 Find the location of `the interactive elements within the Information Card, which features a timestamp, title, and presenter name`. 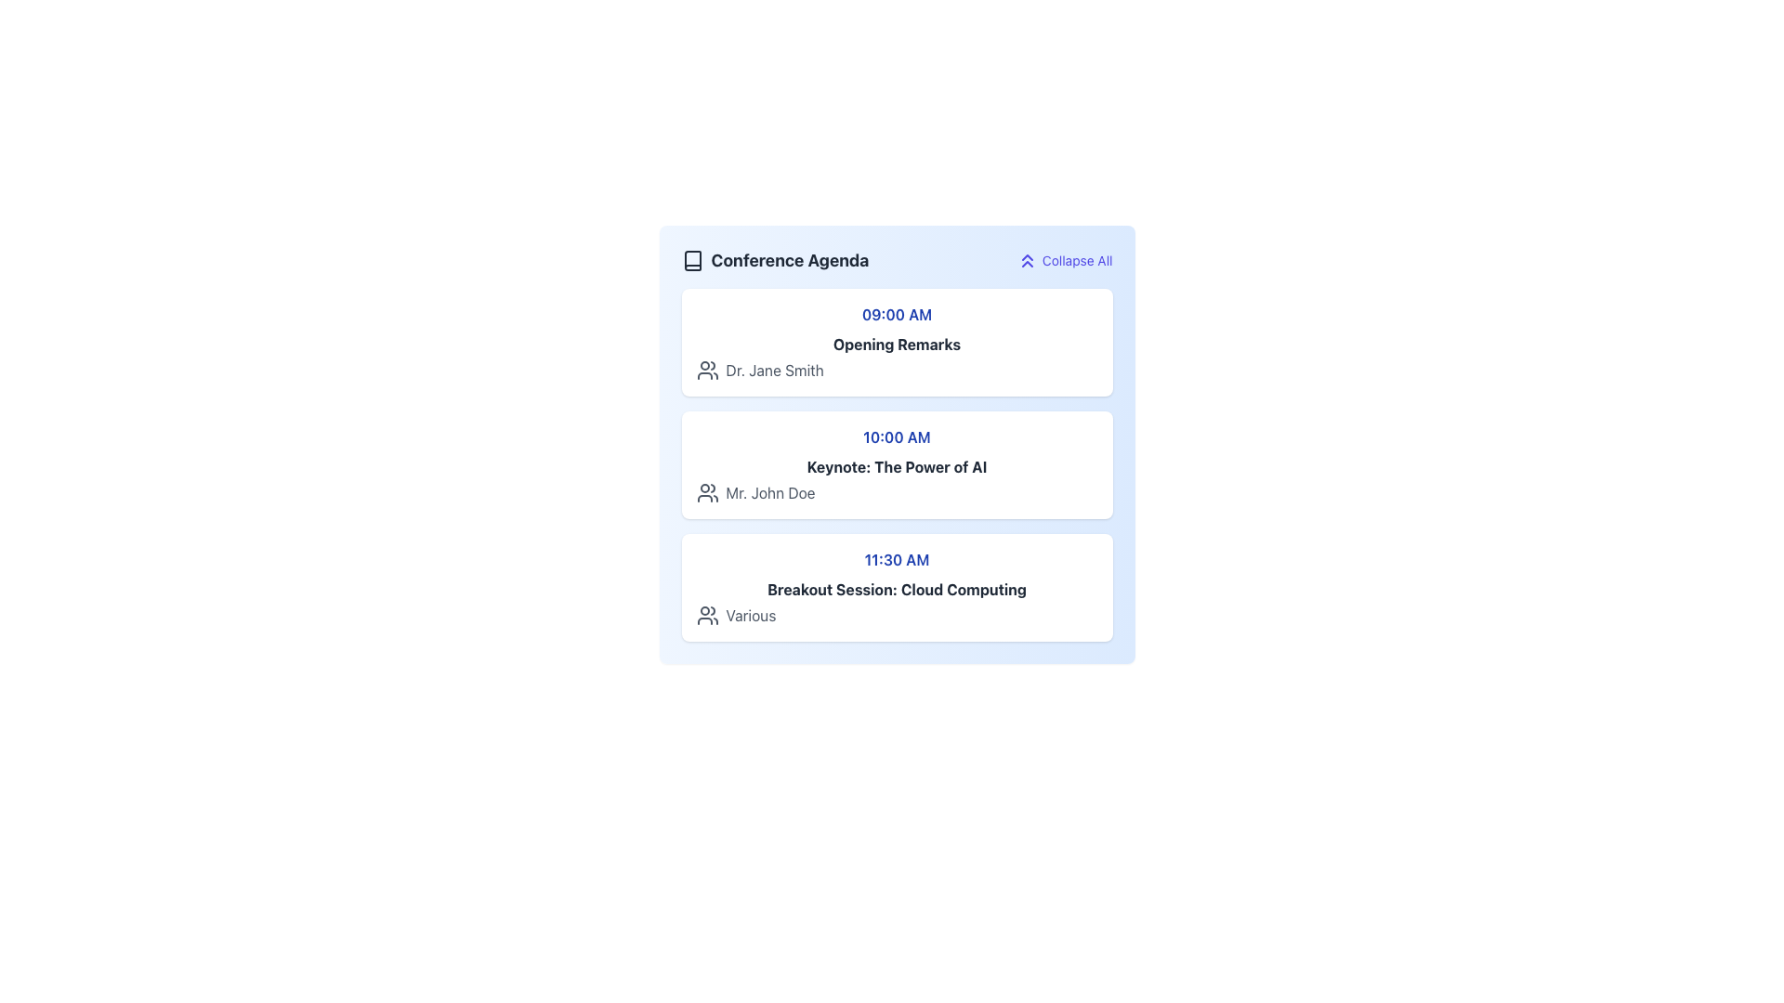

the interactive elements within the Information Card, which features a timestamp, title, and presenter name is located at coordinates (897, 343).